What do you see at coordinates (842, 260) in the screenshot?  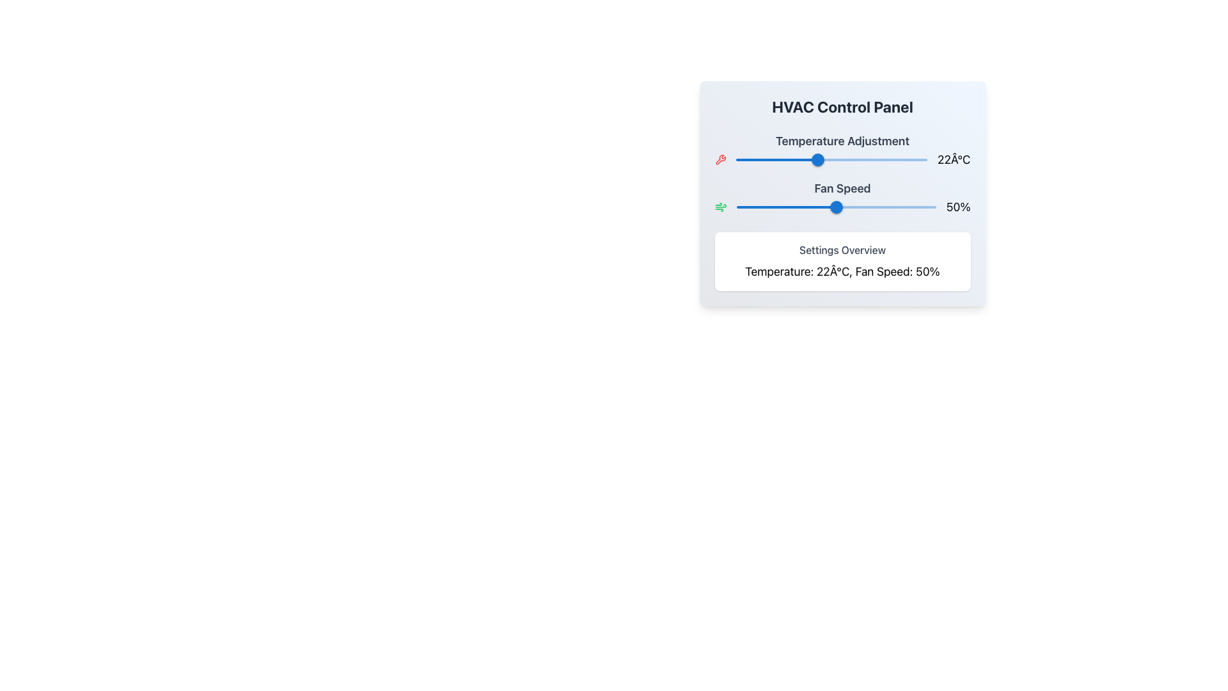 I see `the Static Display Section that summarizes the current HVAC settings, located at the bottom of the HVAC Control Panel` at bounding box center [842, 260].